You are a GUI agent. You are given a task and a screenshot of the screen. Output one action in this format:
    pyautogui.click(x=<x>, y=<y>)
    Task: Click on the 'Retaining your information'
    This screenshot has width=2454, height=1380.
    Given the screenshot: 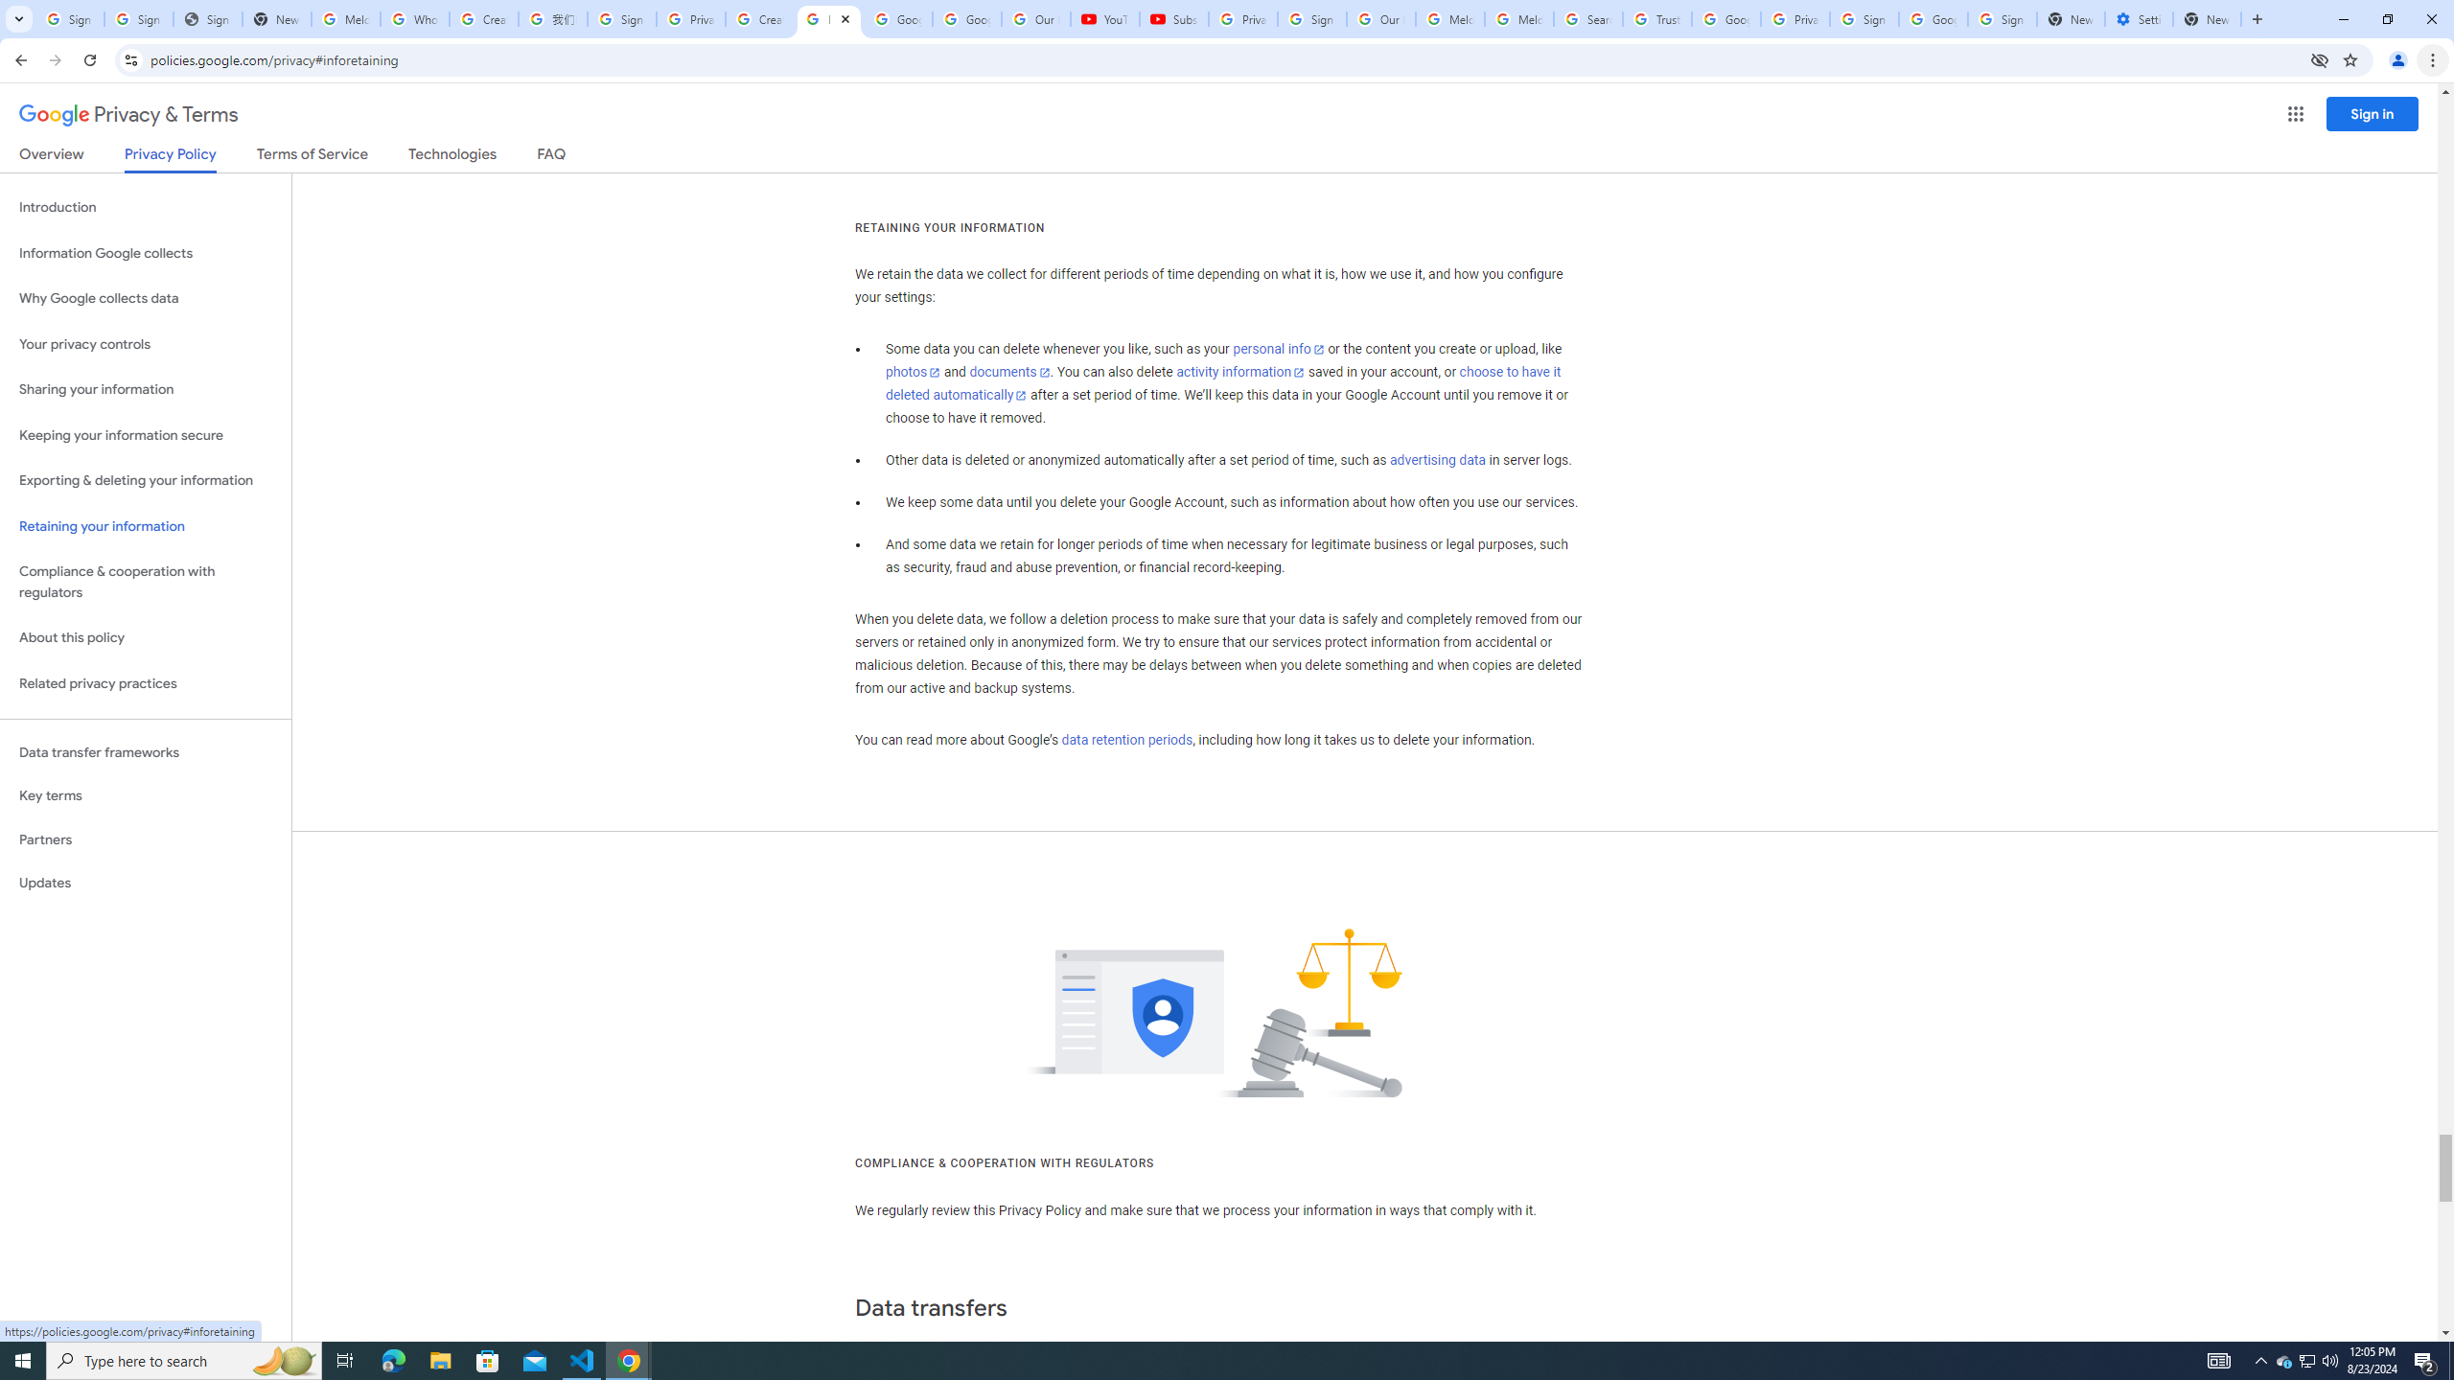 What is the action you would take?
    pyautogui.click(x=145, y=526)
    